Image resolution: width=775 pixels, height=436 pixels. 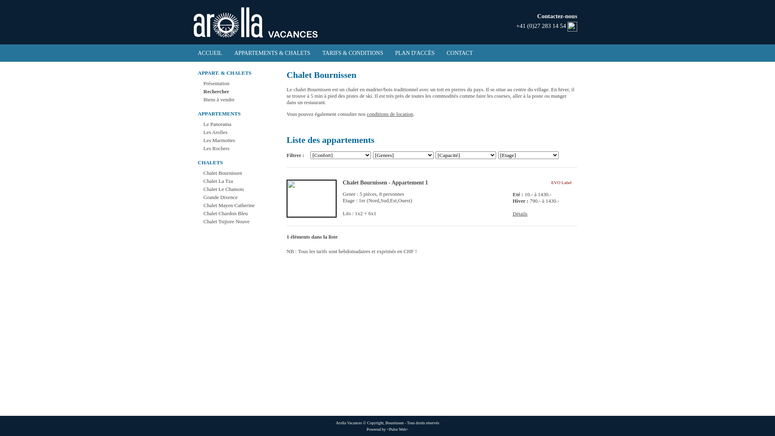 What do you see at coordinates (460, 53) in the screenshot?
I see `'CONTACT'` at bounding box center [460, 53].